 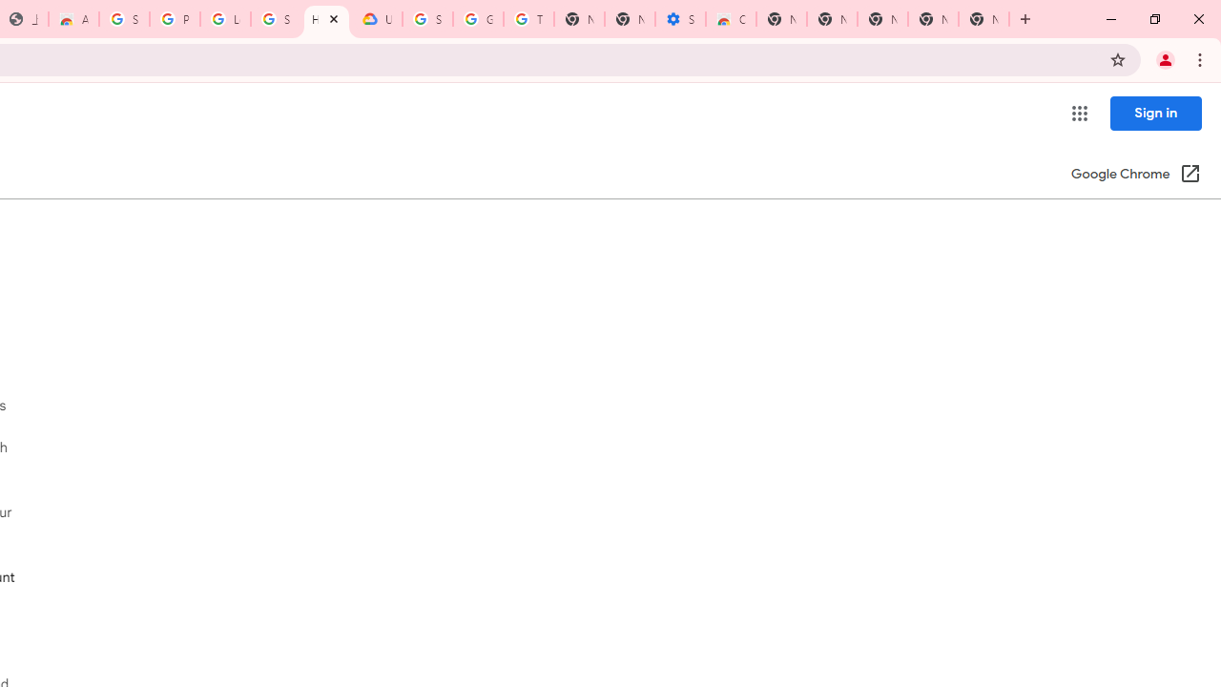 I want to click on 'Sign in - Google Accounts', so click(x=123, y=19).